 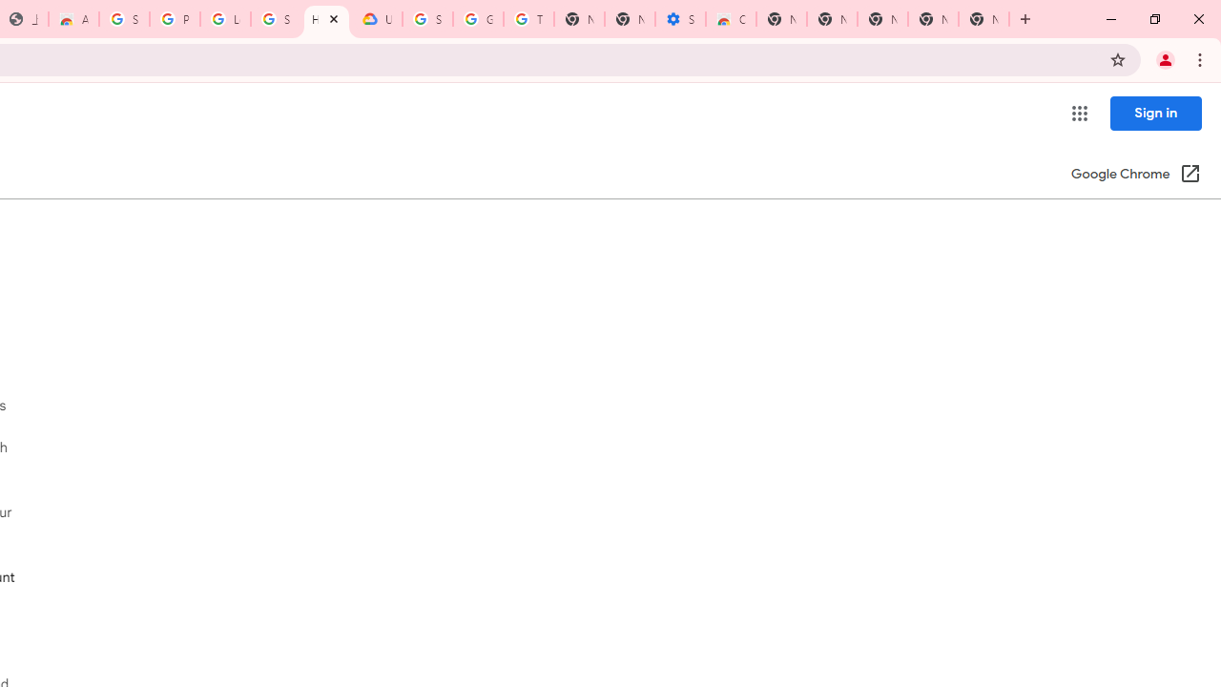 I want to click on 'Sign in - Google Accounts', so click(x=123, y=19).